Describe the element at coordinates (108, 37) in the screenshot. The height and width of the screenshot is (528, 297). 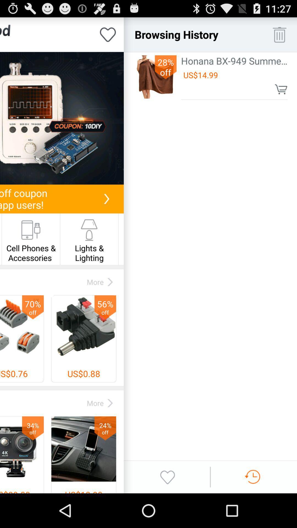
I see `the favorite icon` at that location.